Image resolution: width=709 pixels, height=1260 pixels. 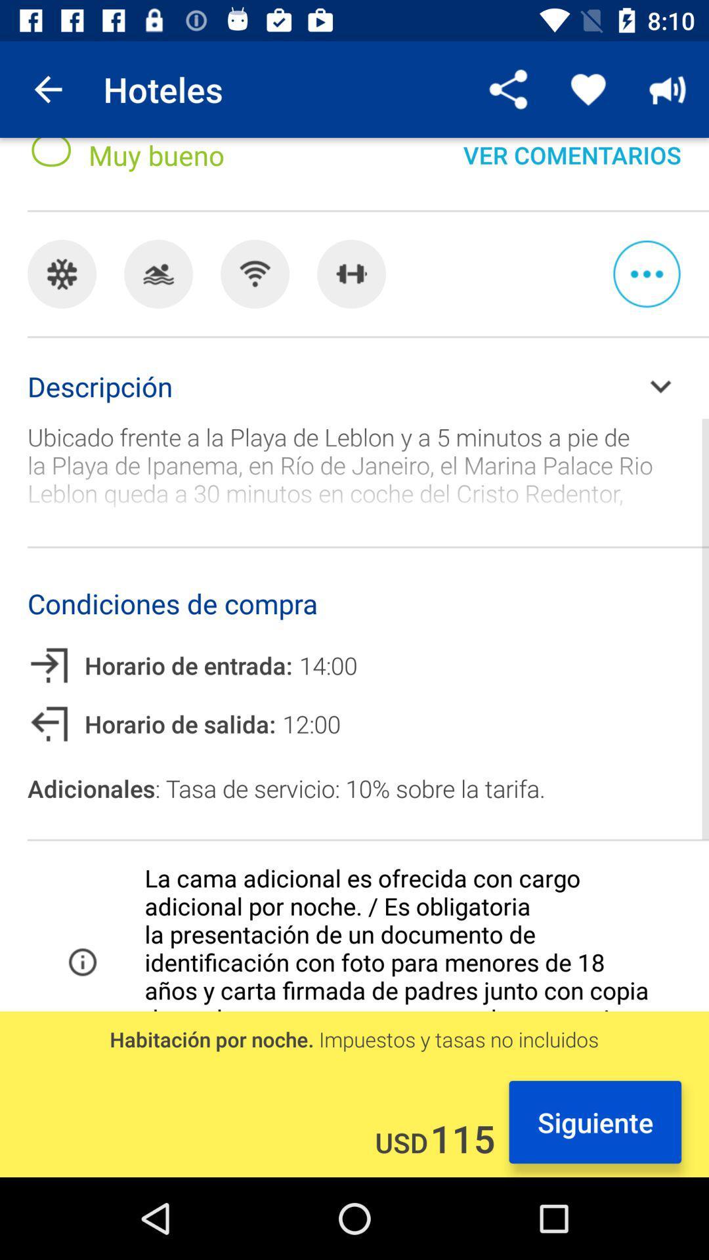 What do you see at coordinates (571, 166) in the screenshot?
I see `the ver comentarios item` at bounding box center [571, 166].